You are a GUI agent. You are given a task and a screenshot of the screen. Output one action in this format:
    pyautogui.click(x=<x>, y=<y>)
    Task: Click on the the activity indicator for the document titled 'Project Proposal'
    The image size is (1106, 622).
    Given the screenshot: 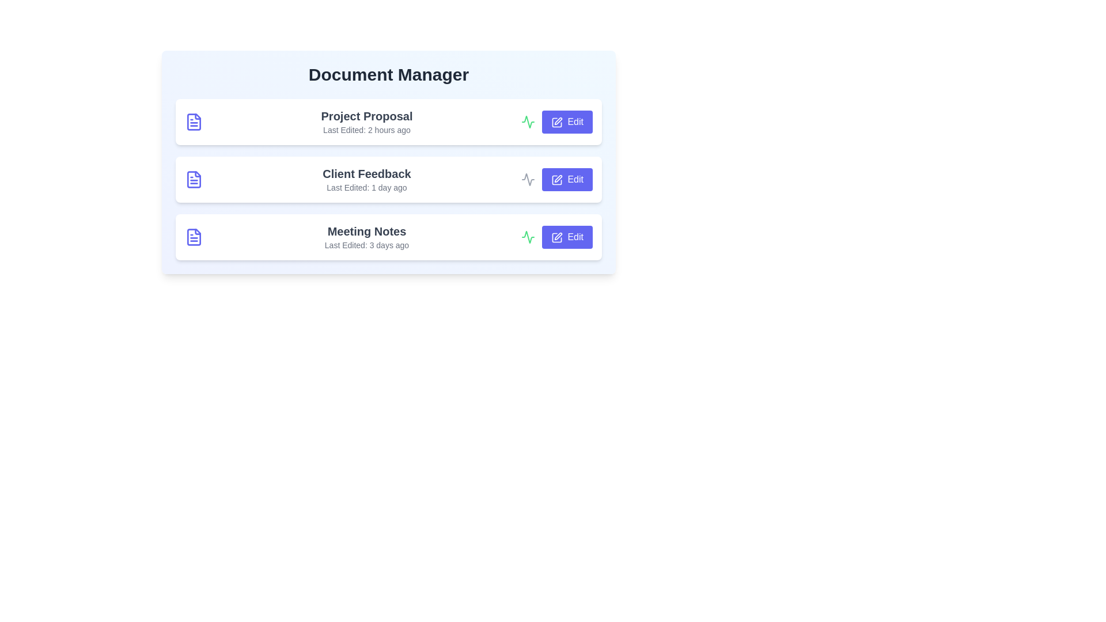 What is the action you would take?
    pyautogui.click(x=527, y=122)
    